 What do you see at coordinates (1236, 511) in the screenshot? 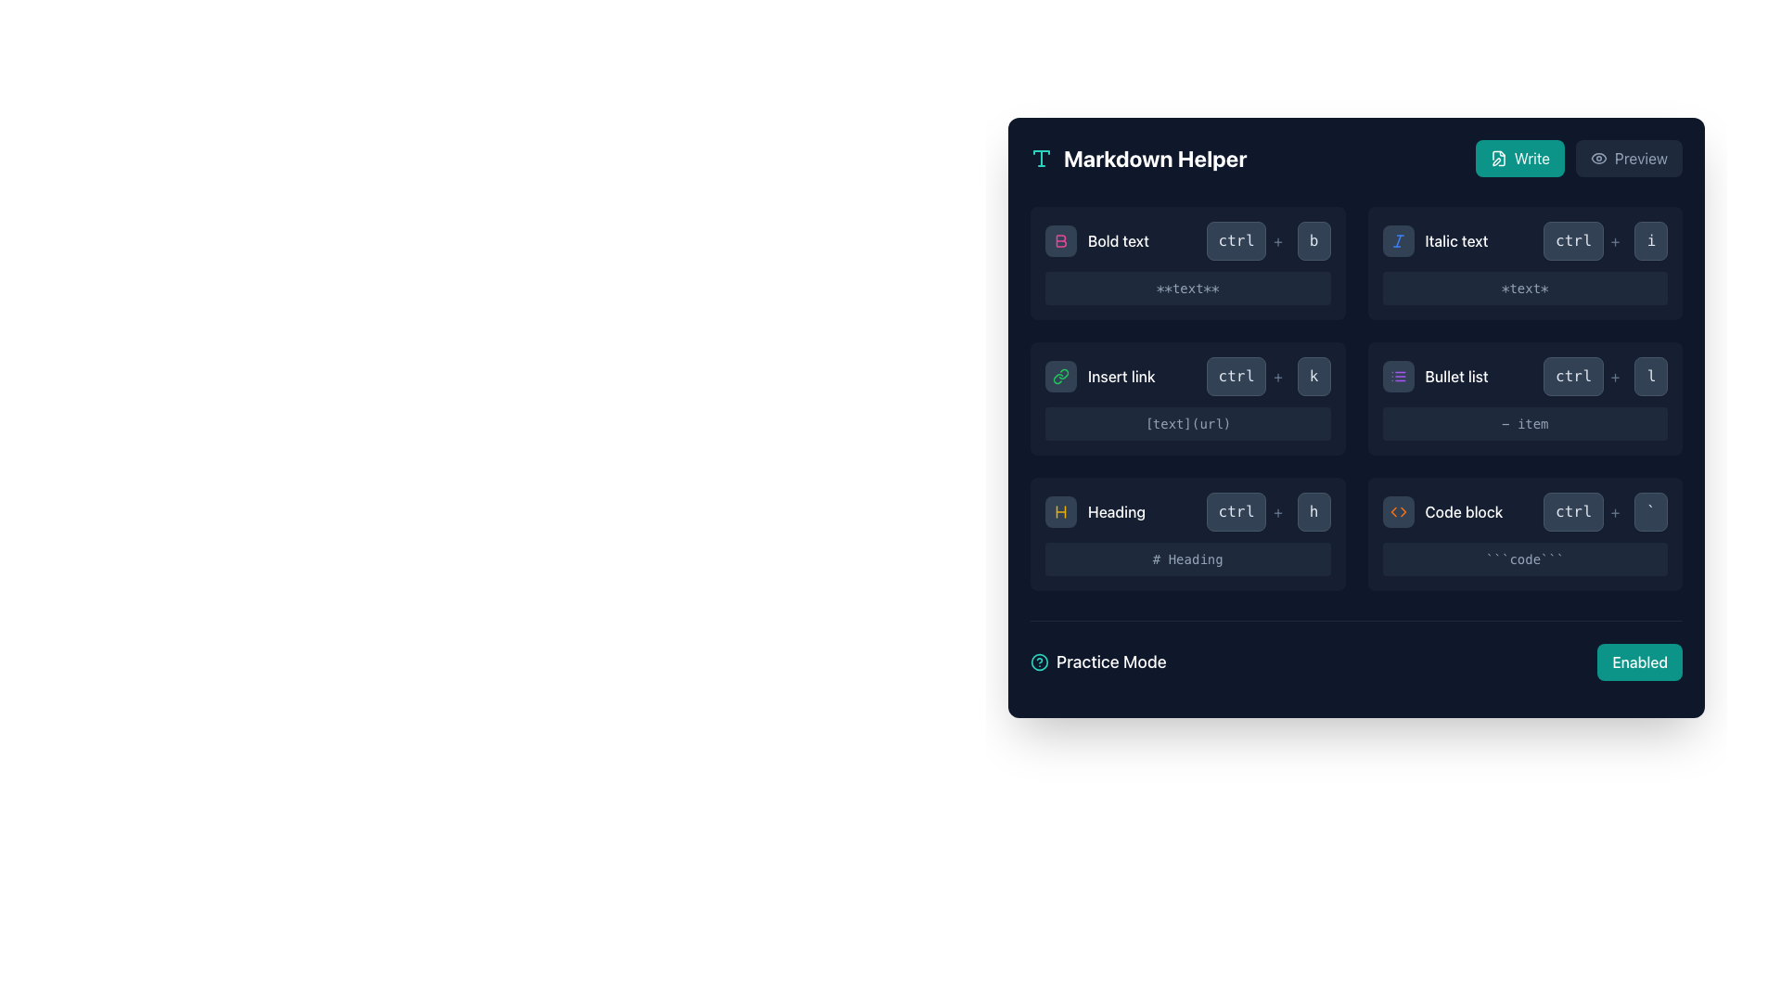
I see `the static label styled as a button representing the 'ctrl' keyboard key, which has a dark slate-gray background and white text, located to the left of a '+' symbol in the lower-right section of the grid layout` at bounding box center [1236, 511].